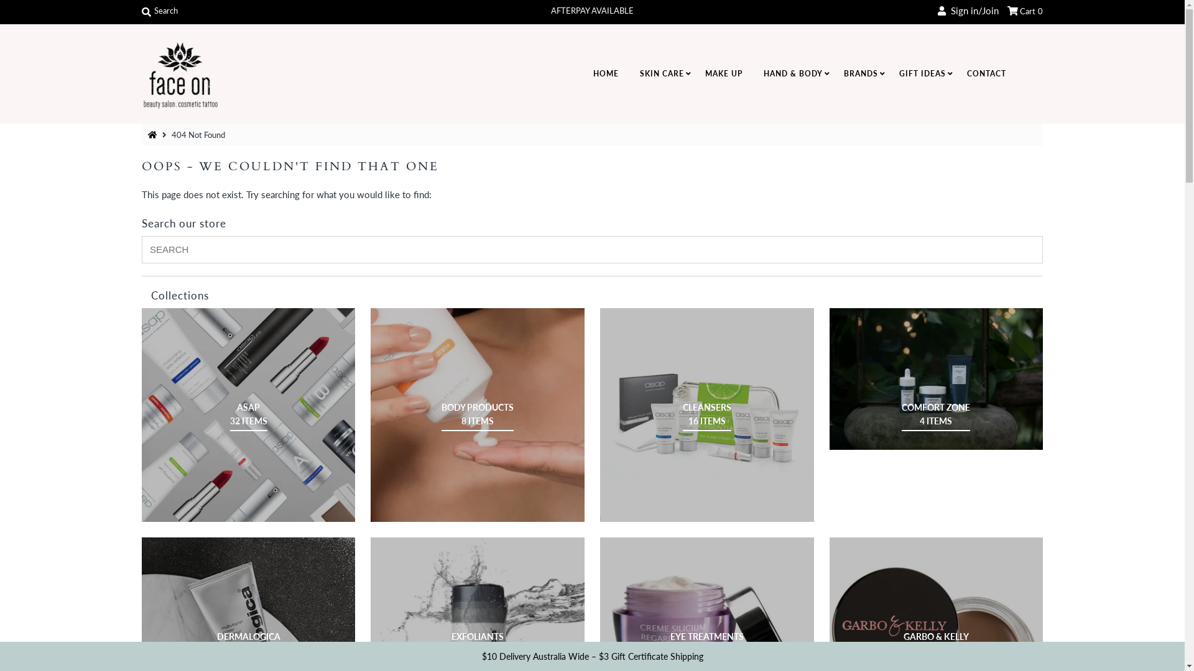  Describe the element at coordinates (922, 74) in the screenshot. I see `'GIFT IDEAS'` at that location.